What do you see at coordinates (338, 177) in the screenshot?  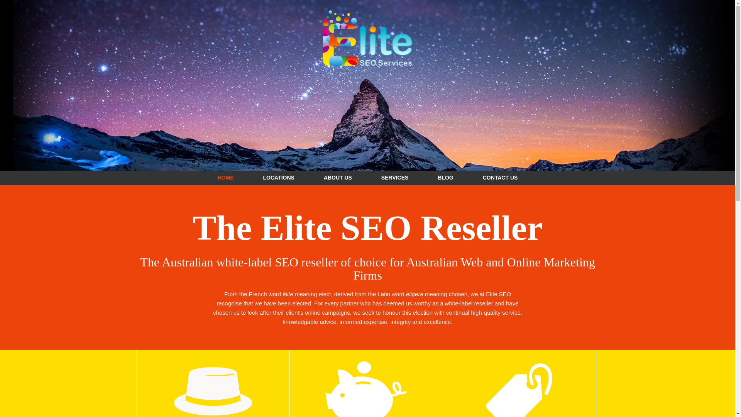 I see `'ABOUT US'` at bounding box center [338, 177].